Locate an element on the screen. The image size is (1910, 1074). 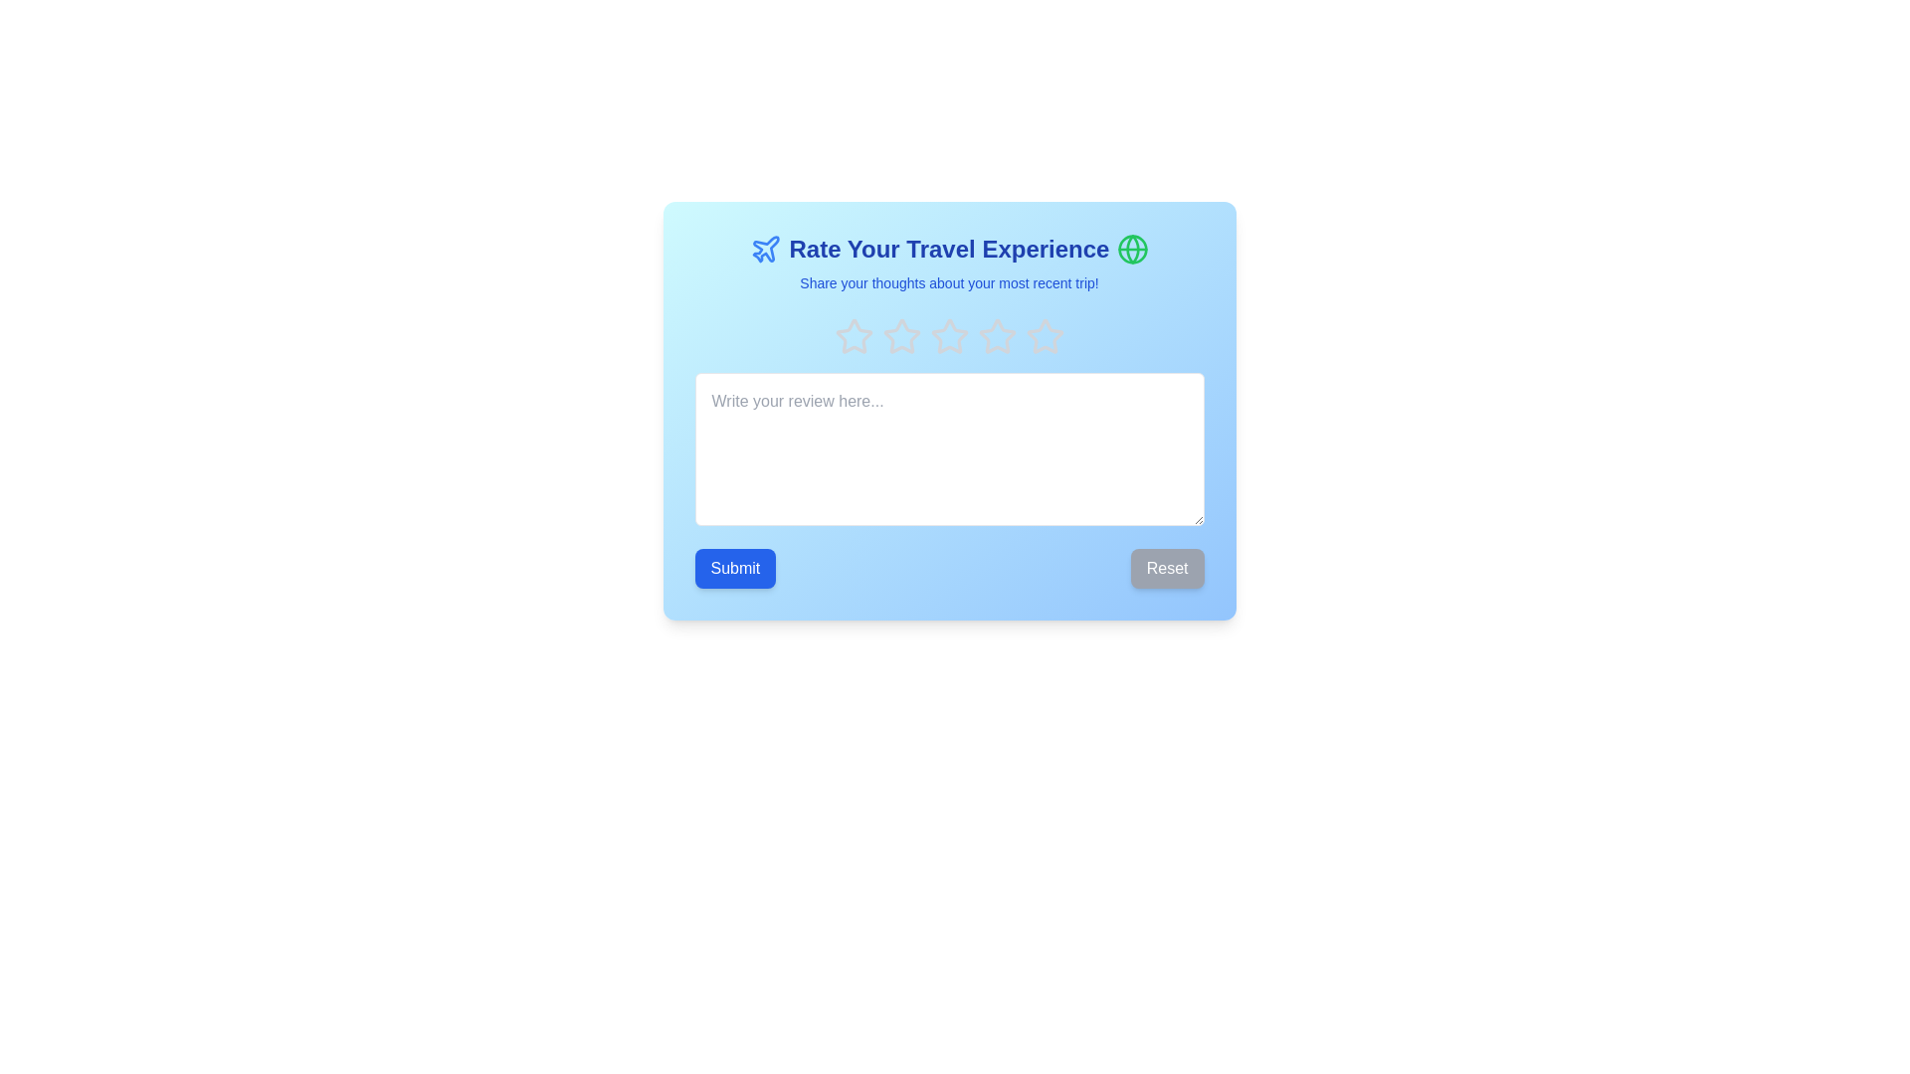
the blue airplane icon located to the left of the heading 'Rate Your Travel Experience' is located at coordinates (764, 248).